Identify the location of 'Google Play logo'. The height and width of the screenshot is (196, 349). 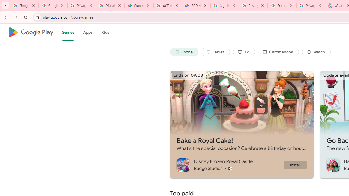
(30, 32).